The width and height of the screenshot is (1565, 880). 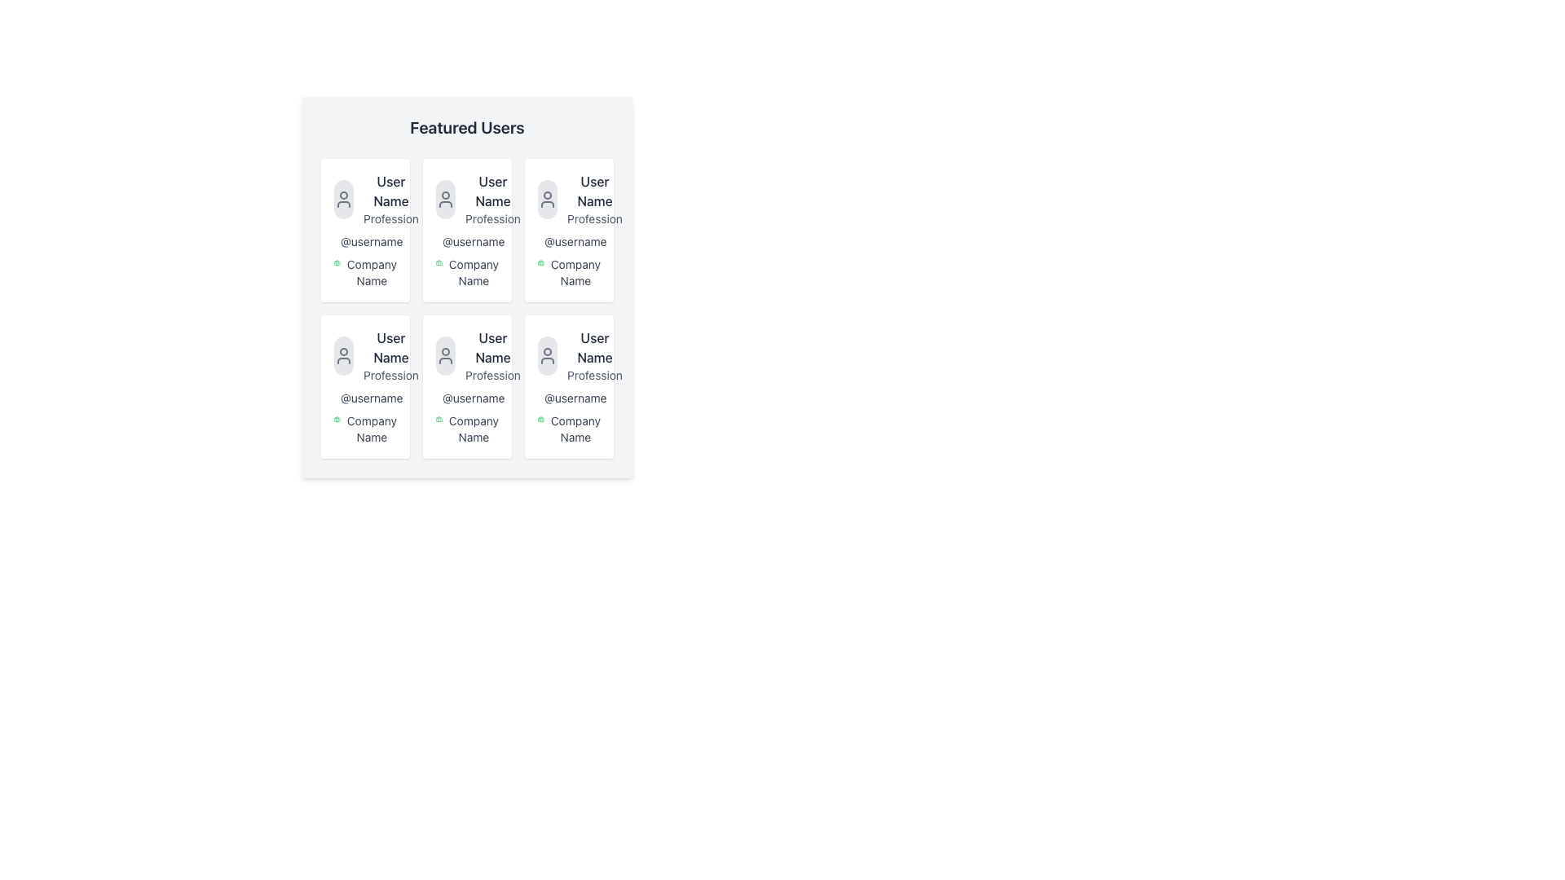 What do you see at coordinates (466, 287) in the screenshot?
I see `the second user card in the 'Featured Users' grid layout, which has a white background, rounded corners, and contains an avatar, user name, profession, '@username', and 'Company Name' label` at bounding box center [466, 287].